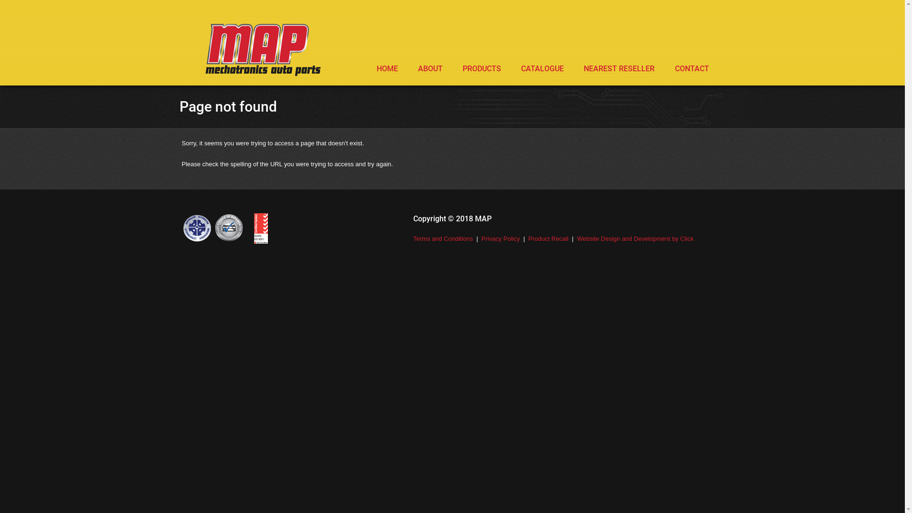 Image resolution: width=912 pixels, height=513 pixels. I want to click on 'Product Recall', so click(548, 238).